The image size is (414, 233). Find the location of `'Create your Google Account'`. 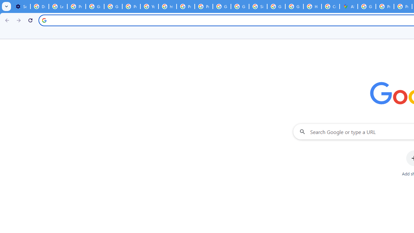

'Create your Google Account' is located at coordinates (331, 6).